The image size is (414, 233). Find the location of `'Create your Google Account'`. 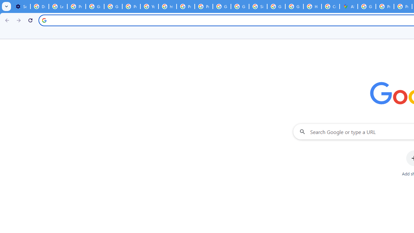

'Create your Google Account' is located at coordinates (331, 6).